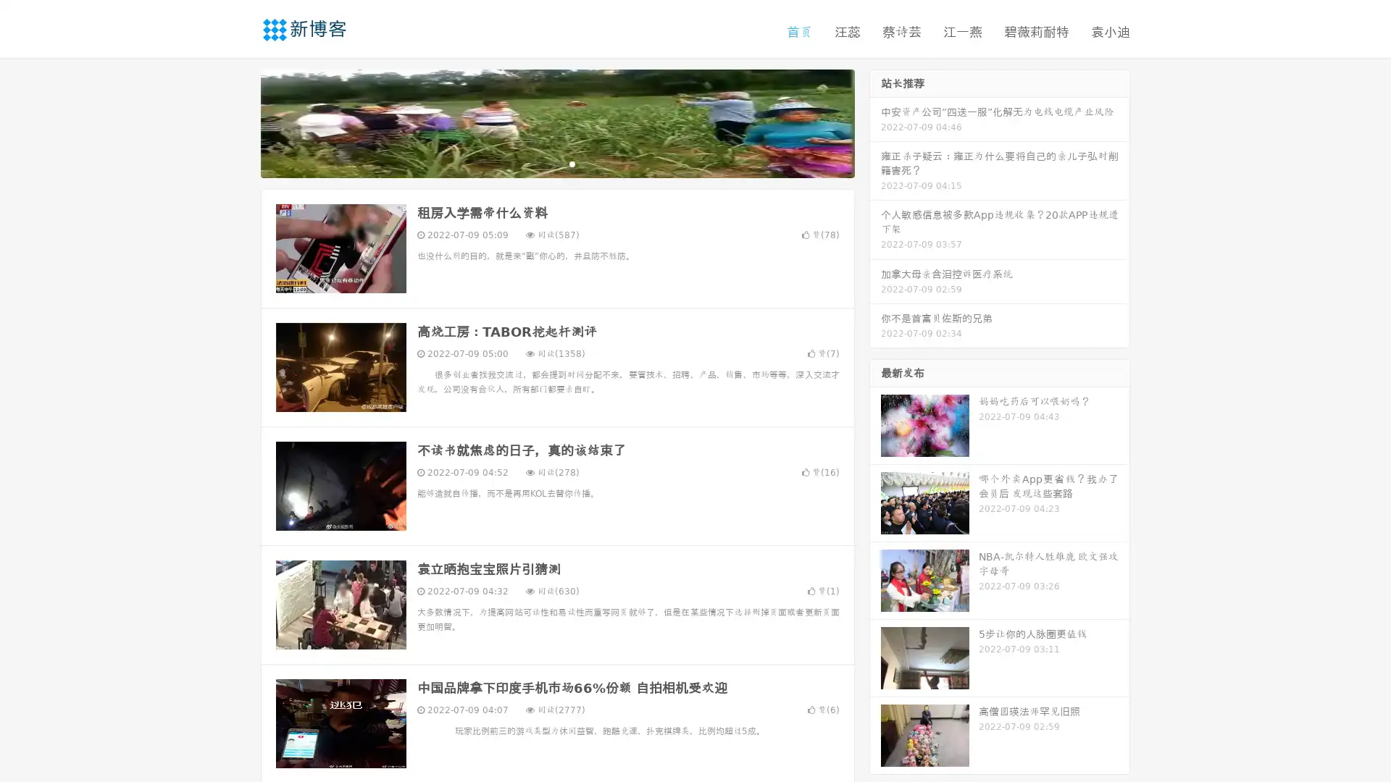 The width and height of the screenshot is (1391, 782). Describe the element at coordinates (239, 122) in the screenshot. I see `Previous slide` at that location.